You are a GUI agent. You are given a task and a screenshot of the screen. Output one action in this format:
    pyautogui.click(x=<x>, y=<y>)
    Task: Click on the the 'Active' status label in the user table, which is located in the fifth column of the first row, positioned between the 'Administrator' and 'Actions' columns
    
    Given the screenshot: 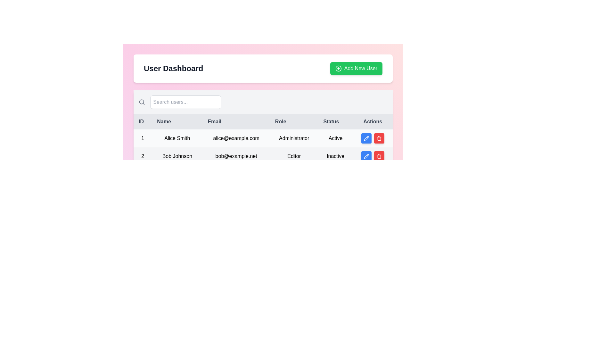 What is the action you would take?
    pyautogui.click(x=335, y=138)
    